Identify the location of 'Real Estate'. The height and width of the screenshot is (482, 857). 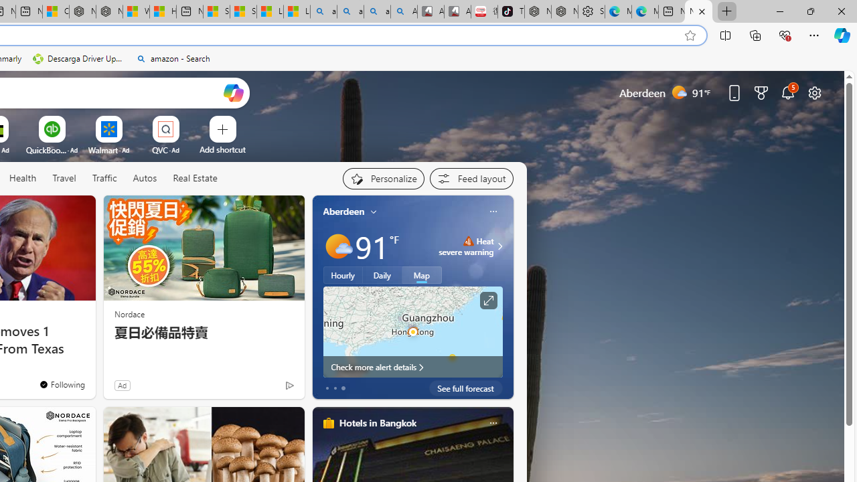
(194, 178).